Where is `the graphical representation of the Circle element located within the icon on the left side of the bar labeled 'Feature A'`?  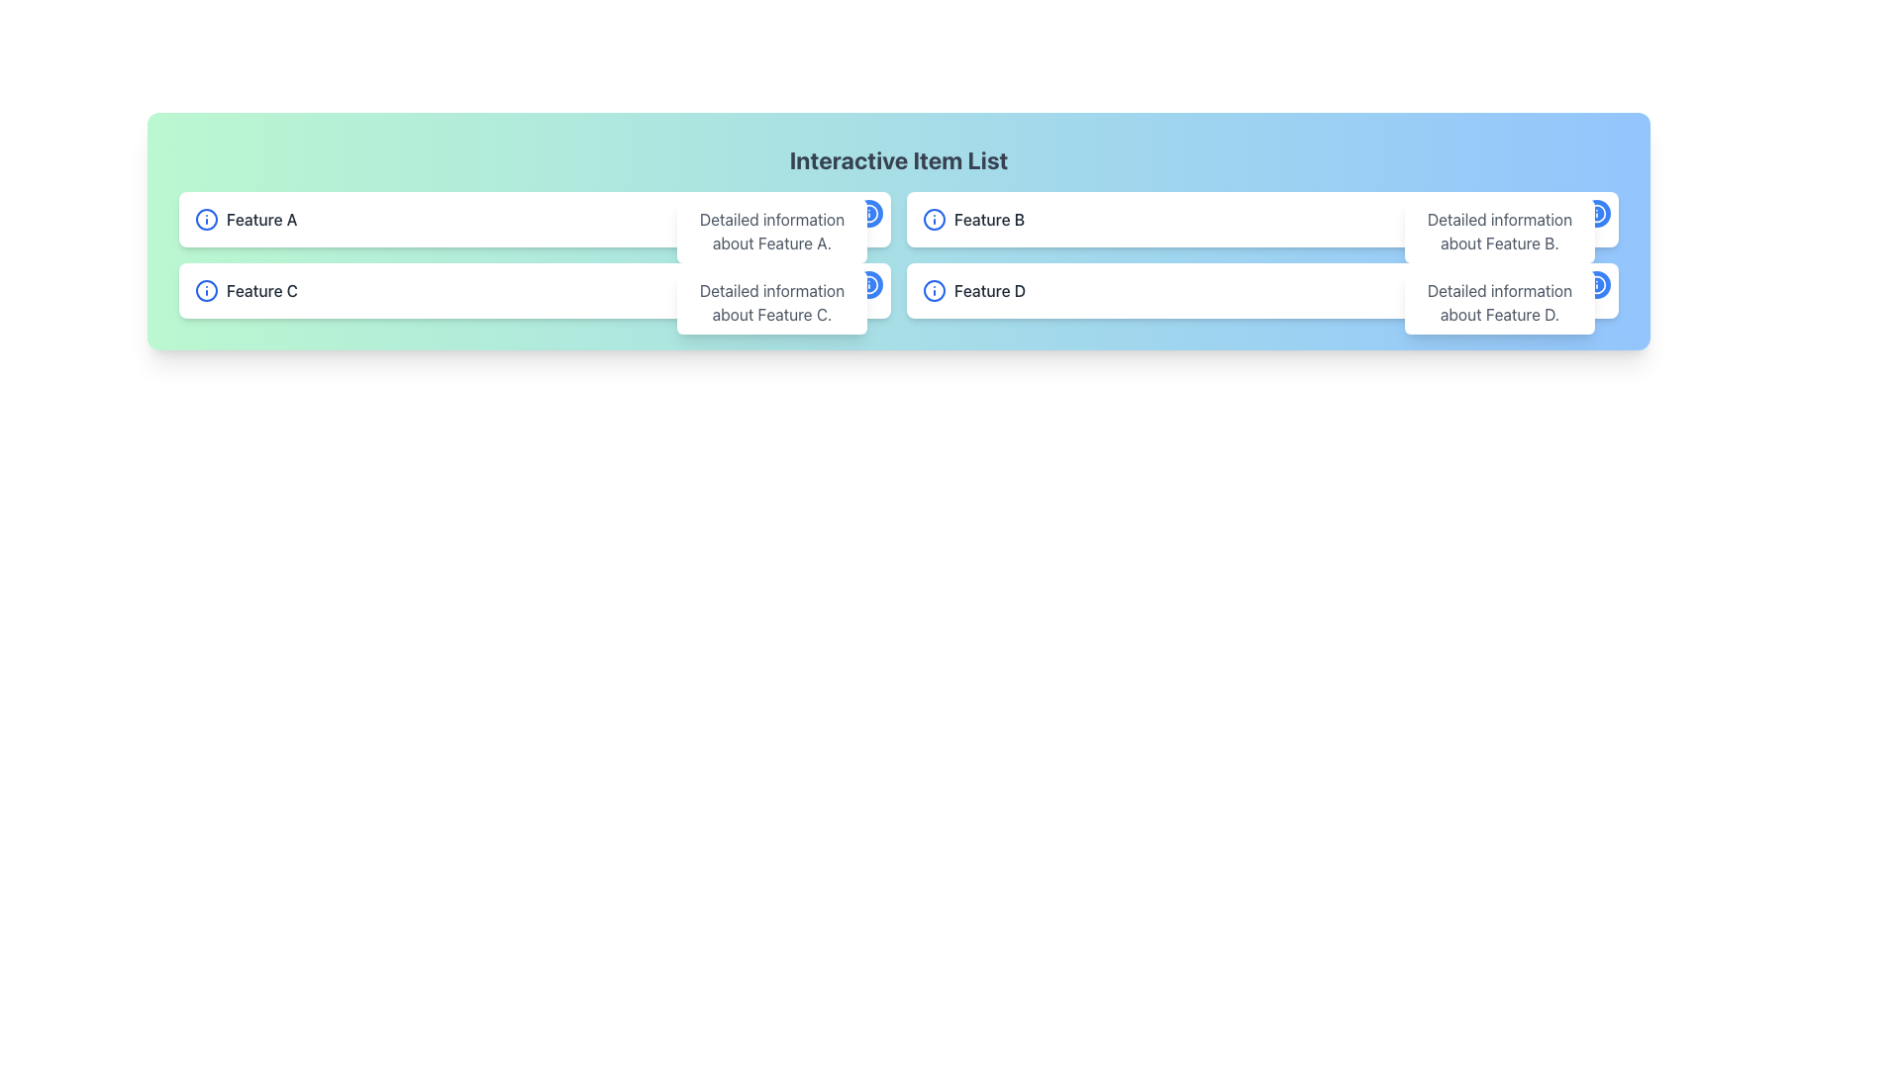 the graphical representation of the Circle element located within the icon on the left side of the bar labeled 'Feature A' is located at coordinates (207, 220).